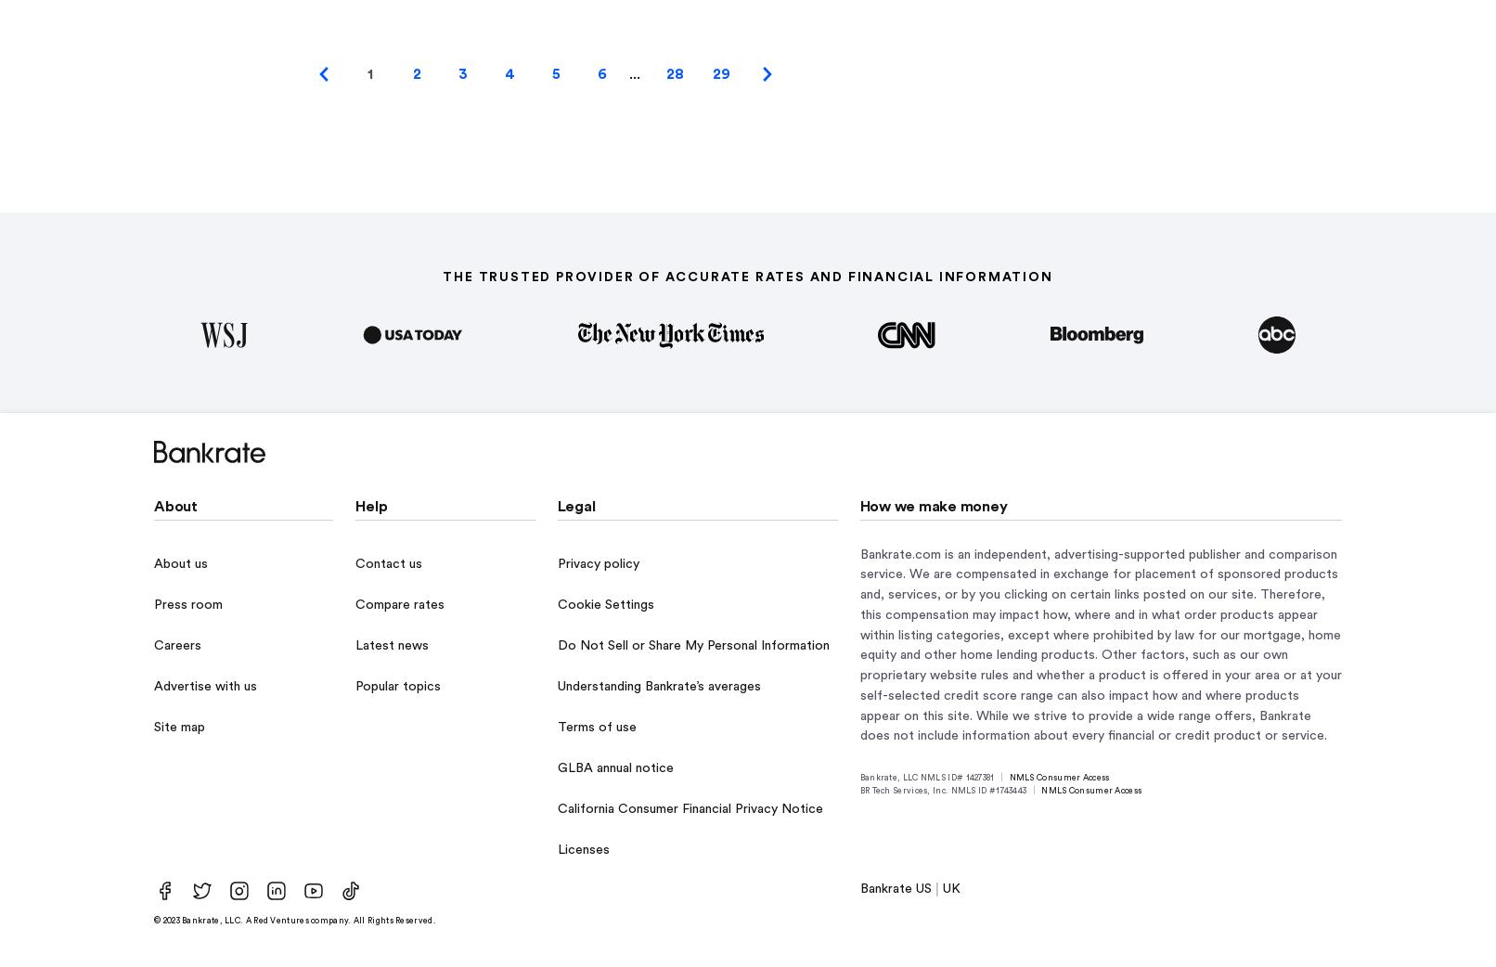 The image size is (1496, 967). I want to click on 'UK', so click(949, 889).